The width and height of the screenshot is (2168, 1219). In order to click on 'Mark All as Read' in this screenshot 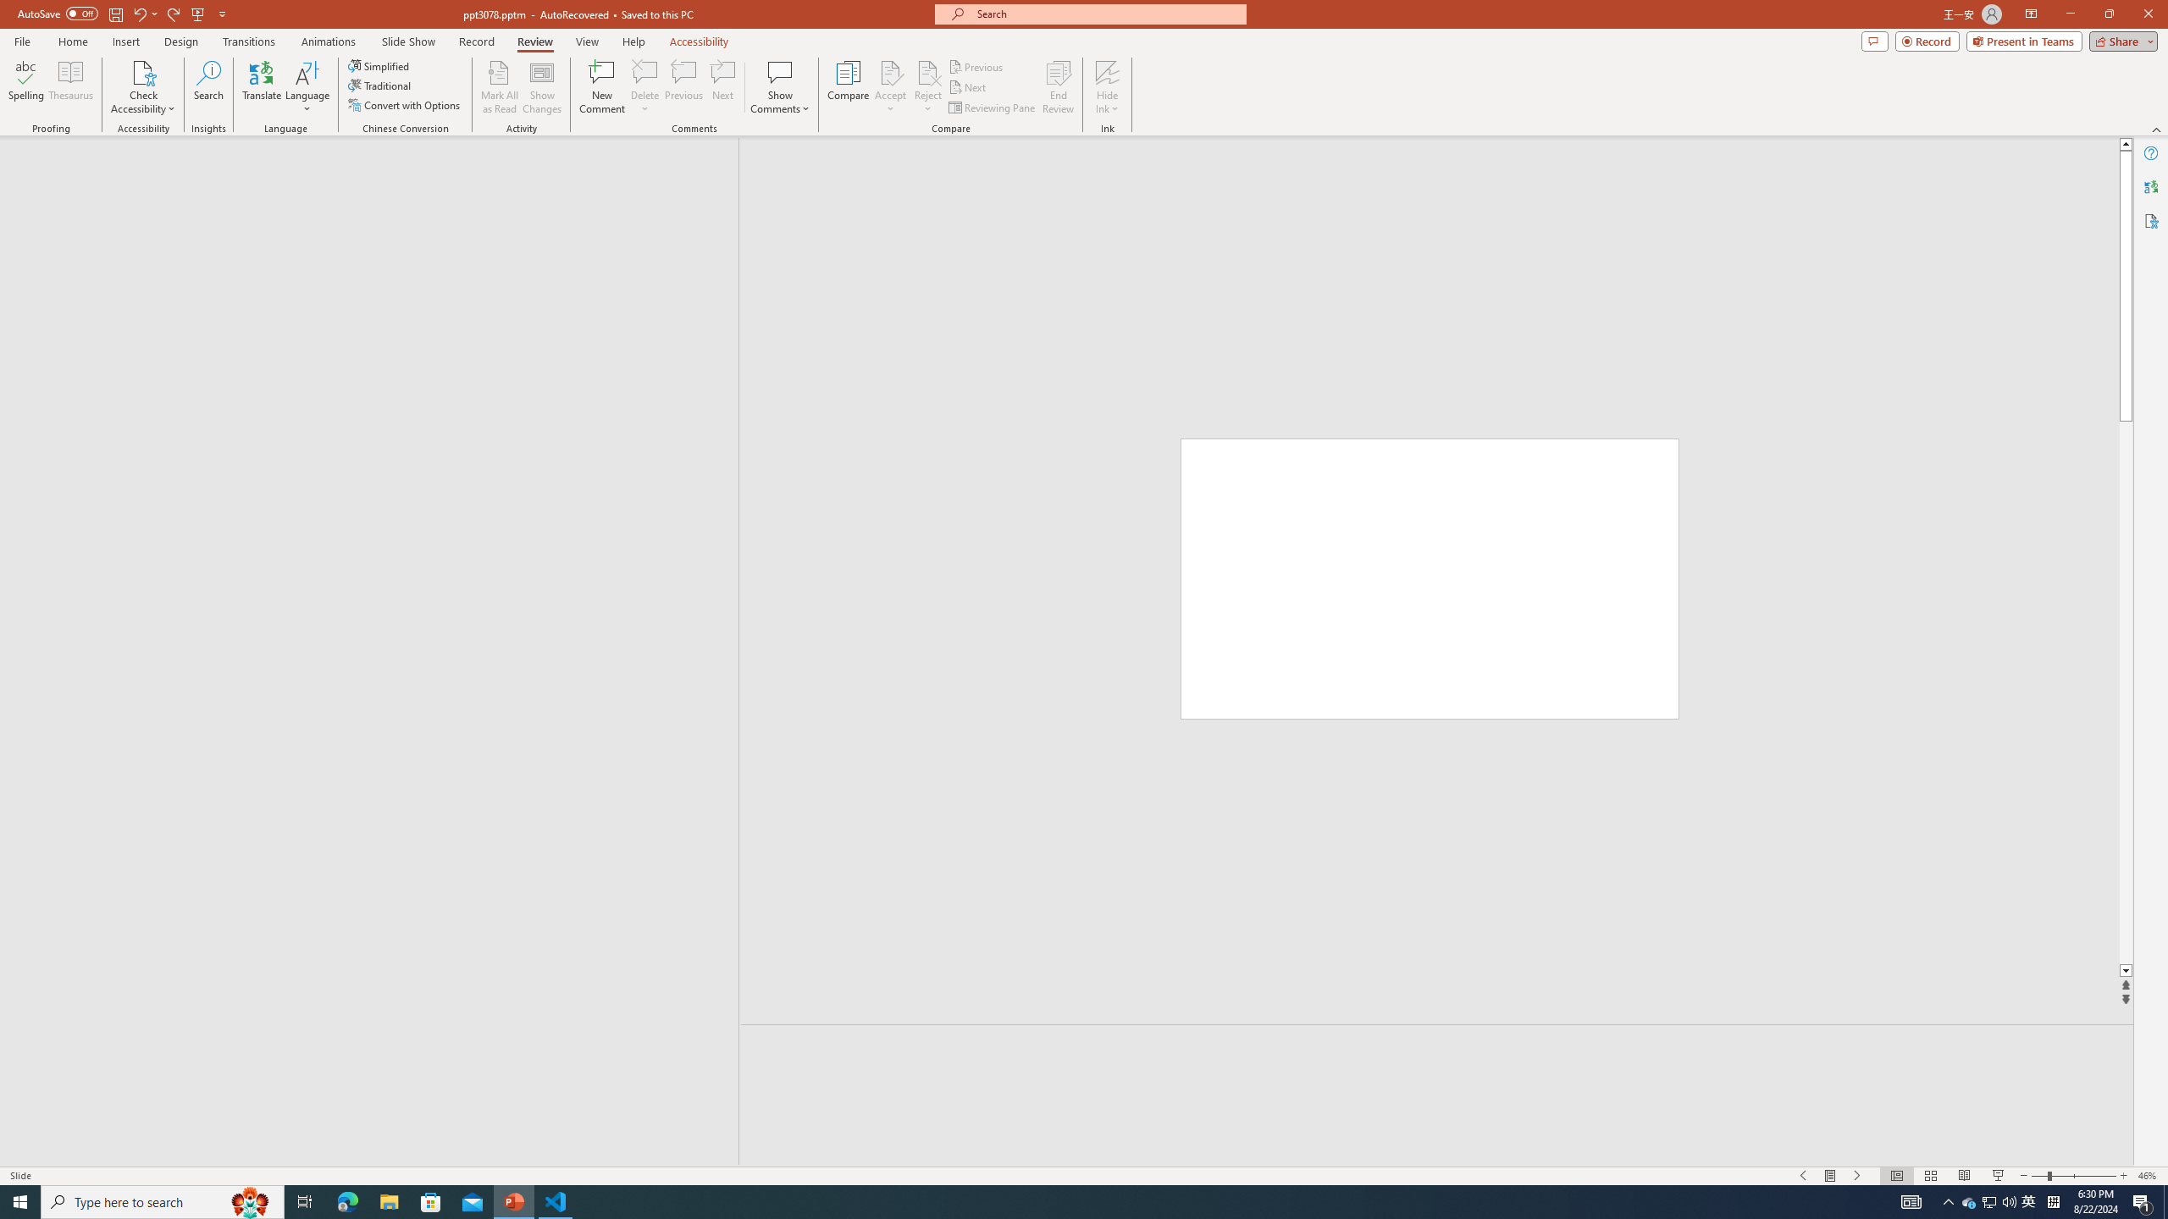, I will do `click(500, 87)`.